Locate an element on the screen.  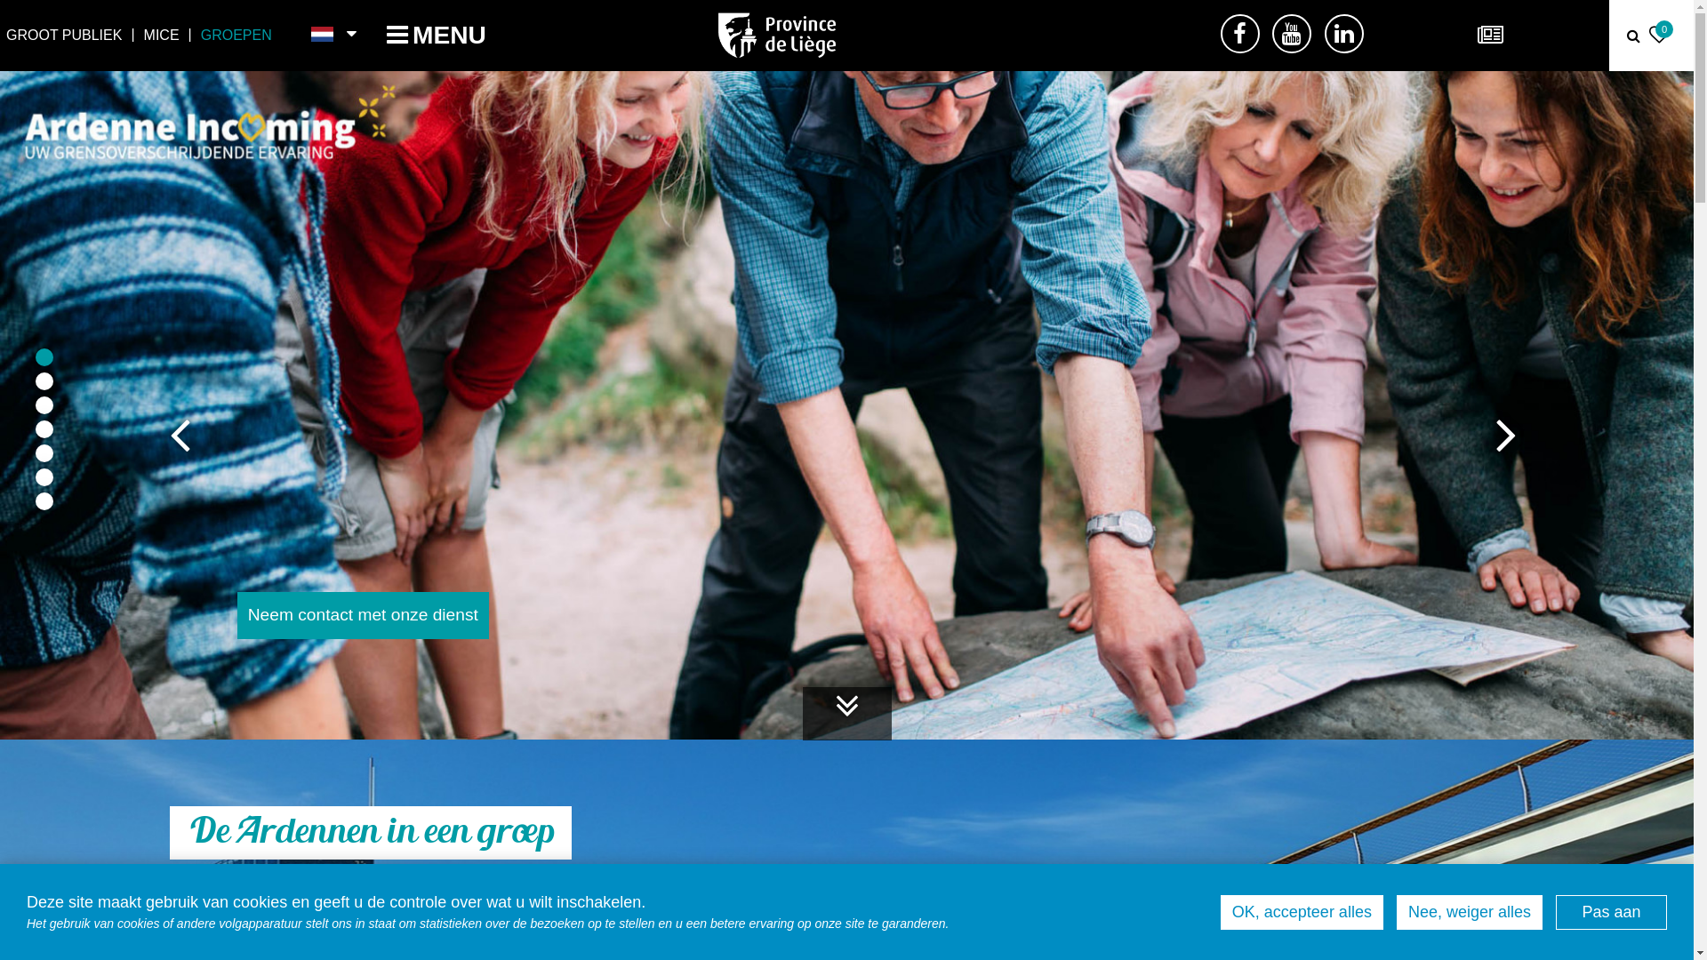
'Pas aan' is located at coordinates (1611, 911).